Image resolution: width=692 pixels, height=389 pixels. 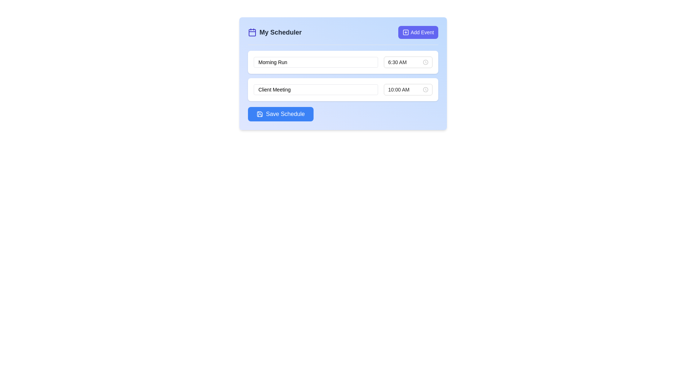 What do you see at coordinates (408, 62) in the screenshot?
I see `the Time Picker Input for the 'Morning Run' event in the 'My Scheduler' section to enable input` at bounding box center [408, 62].